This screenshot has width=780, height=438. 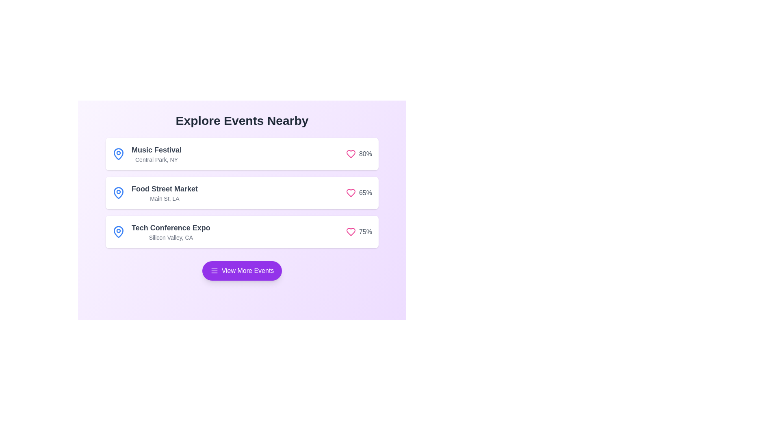 What do you see at coordinates (214, 271) in the screenshot?
I see `menu options icon located inside the purple rounded button labeled 'View More Events' by clicking on it` at bounding box center [214, 271].